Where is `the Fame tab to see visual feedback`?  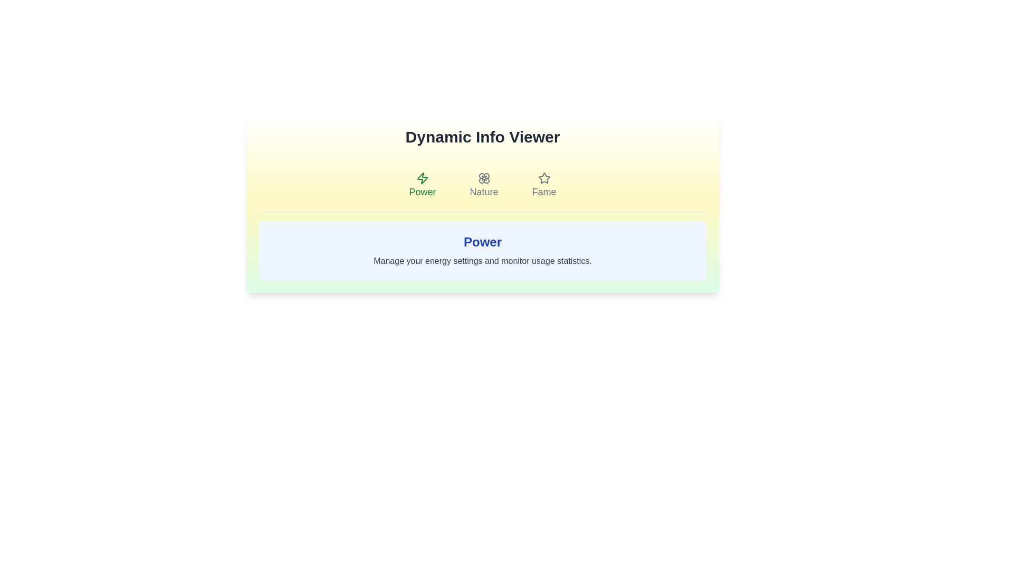
the Fame tab to see visual feedback is located at coordinates (544, 185).